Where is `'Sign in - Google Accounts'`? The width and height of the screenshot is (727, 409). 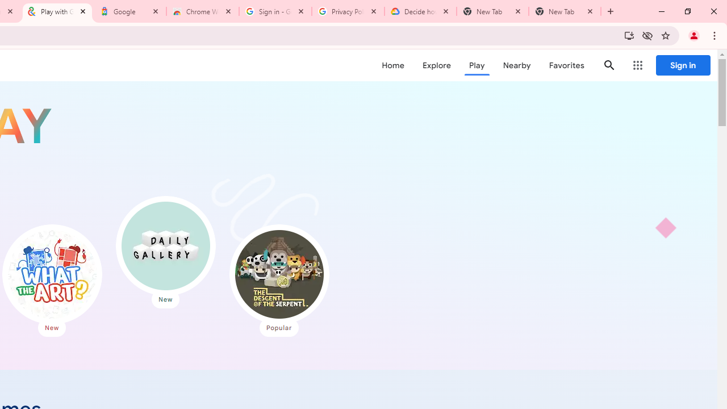 'Sign in - Google Accounts' is located at coordinates (275, 11).